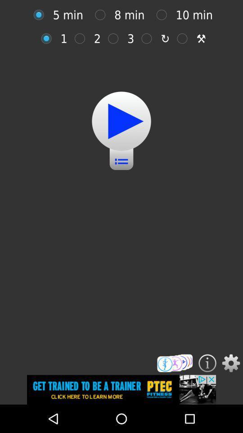 This screenshot has height=433, width=243. What do you see at coordinates (115, 38) in the screenshot?
I see `3` at bounding box center [115, 38].